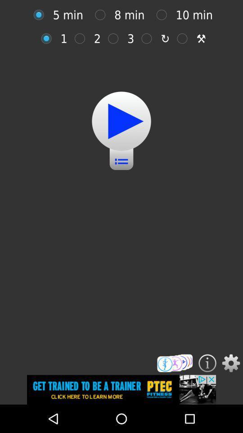 This screenshot has height=433, width=243. What do you see at coordinates (115, 38) in the screenshot?
I see `3` at bounding box center [115, 38].